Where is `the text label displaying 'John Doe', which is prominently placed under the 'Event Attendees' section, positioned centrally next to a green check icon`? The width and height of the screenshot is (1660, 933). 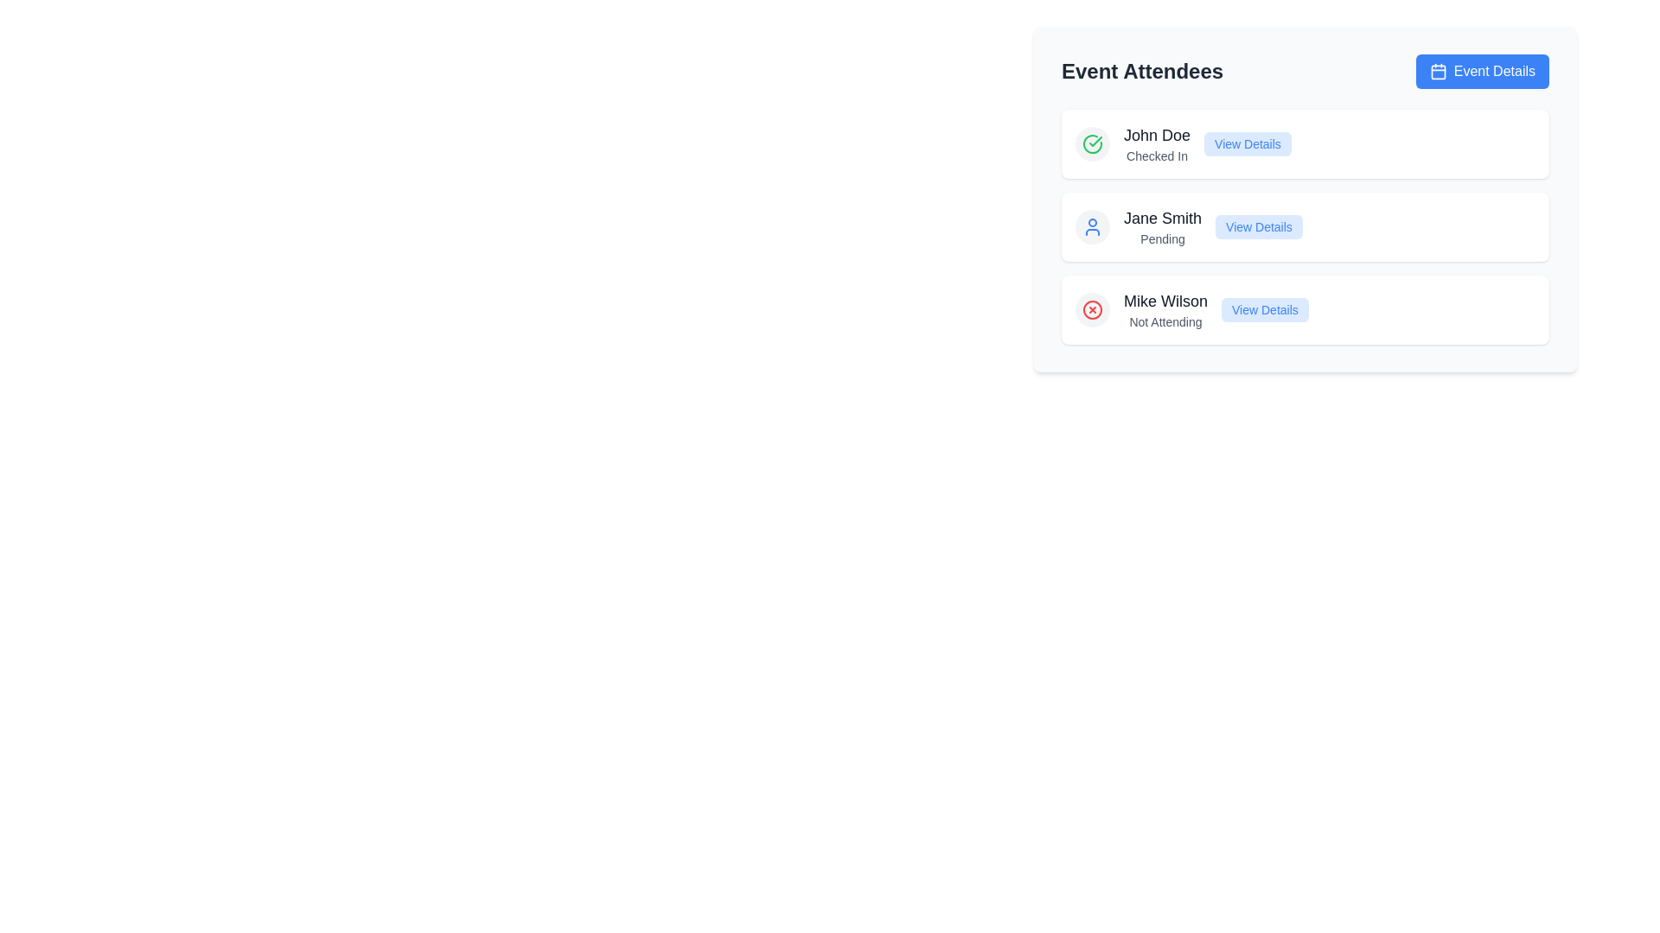 the text label displaying 'John Doe', which is prominently placed under the 'Event Attendees' section, positioned centrally next to a green check icon is located at coordinates (1157, 135).